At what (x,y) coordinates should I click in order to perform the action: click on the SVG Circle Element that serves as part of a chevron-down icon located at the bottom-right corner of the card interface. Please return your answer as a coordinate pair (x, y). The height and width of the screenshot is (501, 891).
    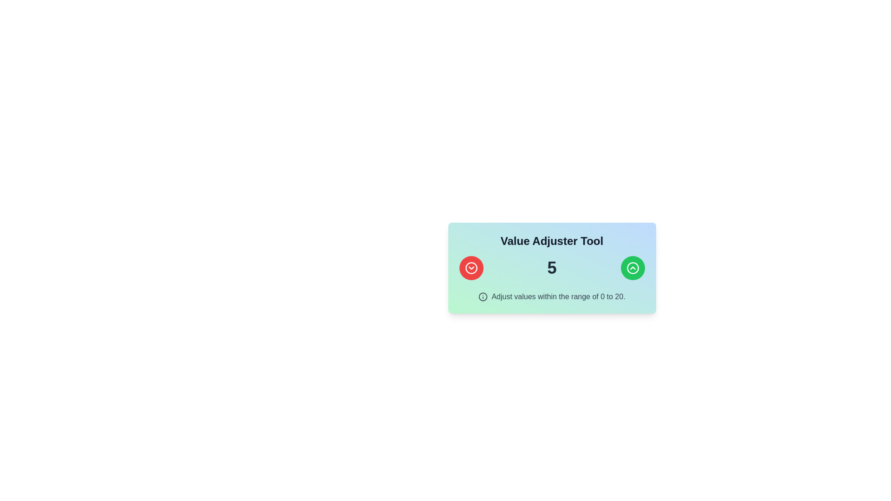
    Looking at the image, I should click on (471, 268).